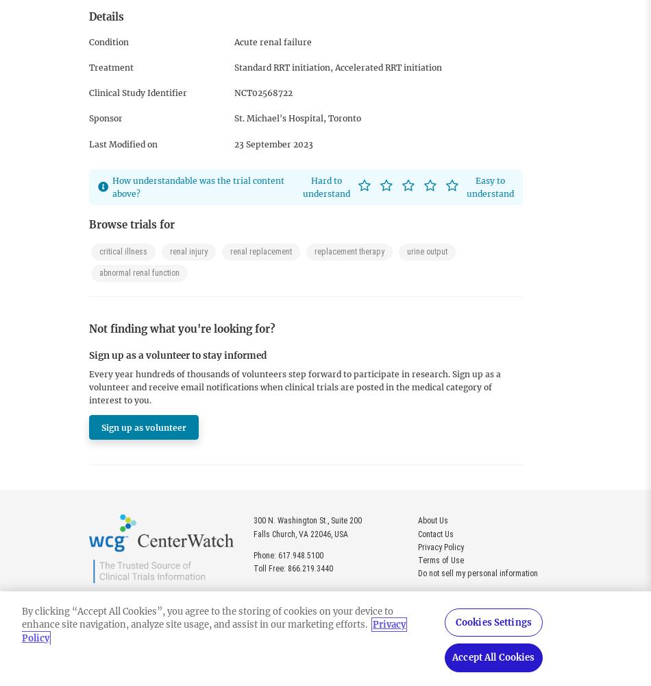 Image resolution: width=651 pixels, height=686 pixels. What do you see at coordinates (489, 187) in the screenshot?
I see `'Easy to understand'` at bounding box center [489, 187].